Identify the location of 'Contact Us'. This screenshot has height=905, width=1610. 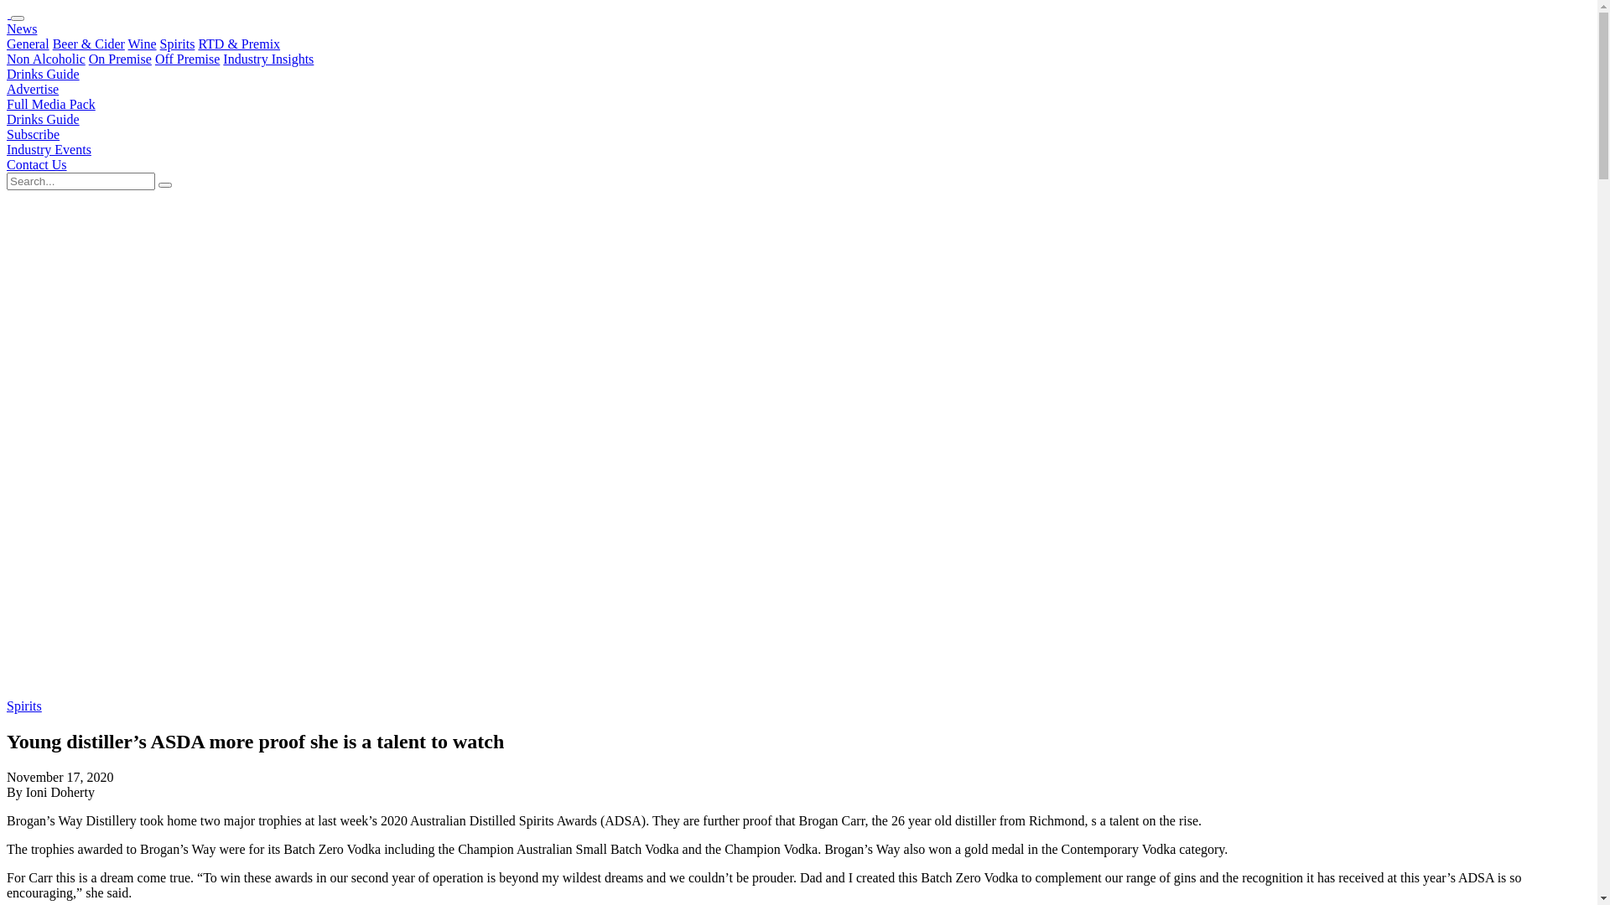
(7, 164).